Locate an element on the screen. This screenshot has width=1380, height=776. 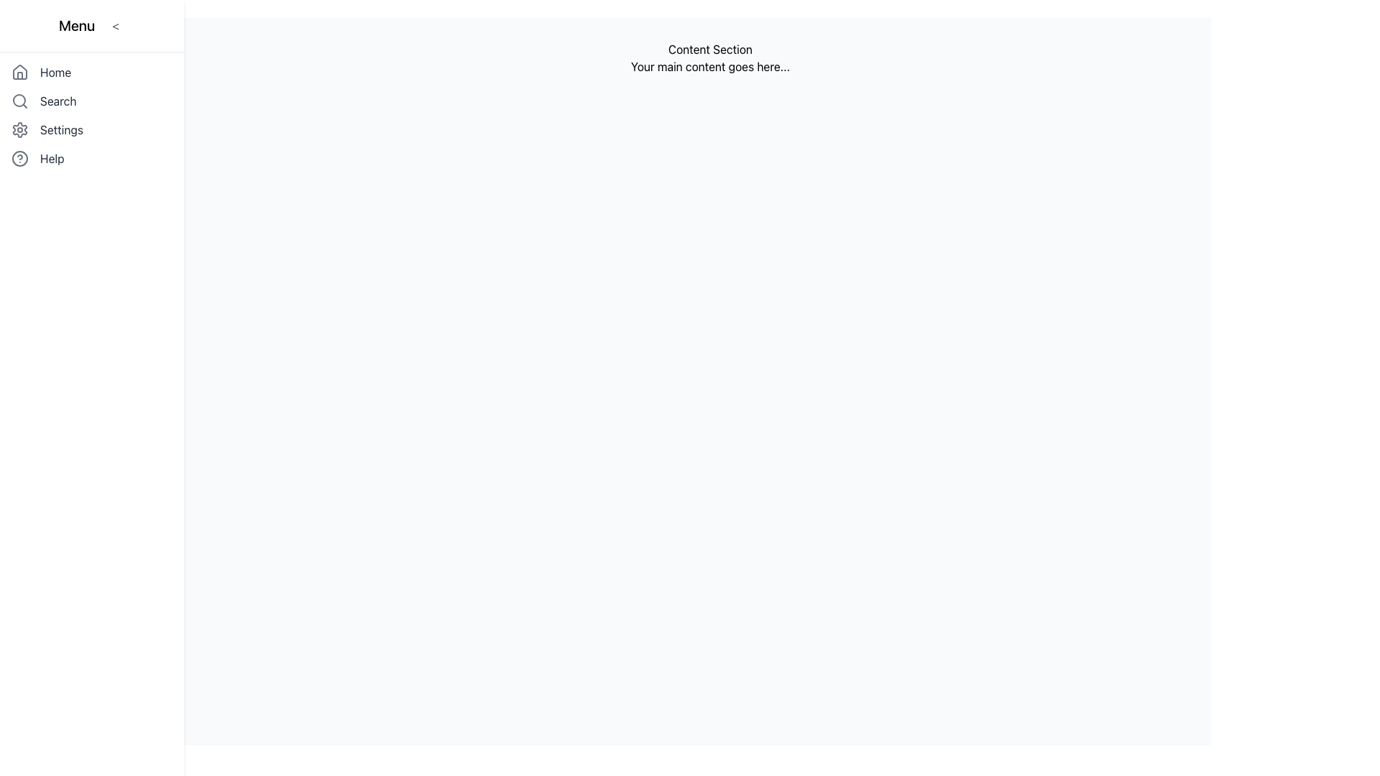
the circular decorative shape representing the magnifying glass in the left sidebar menu is located at coordinates (19, 99).